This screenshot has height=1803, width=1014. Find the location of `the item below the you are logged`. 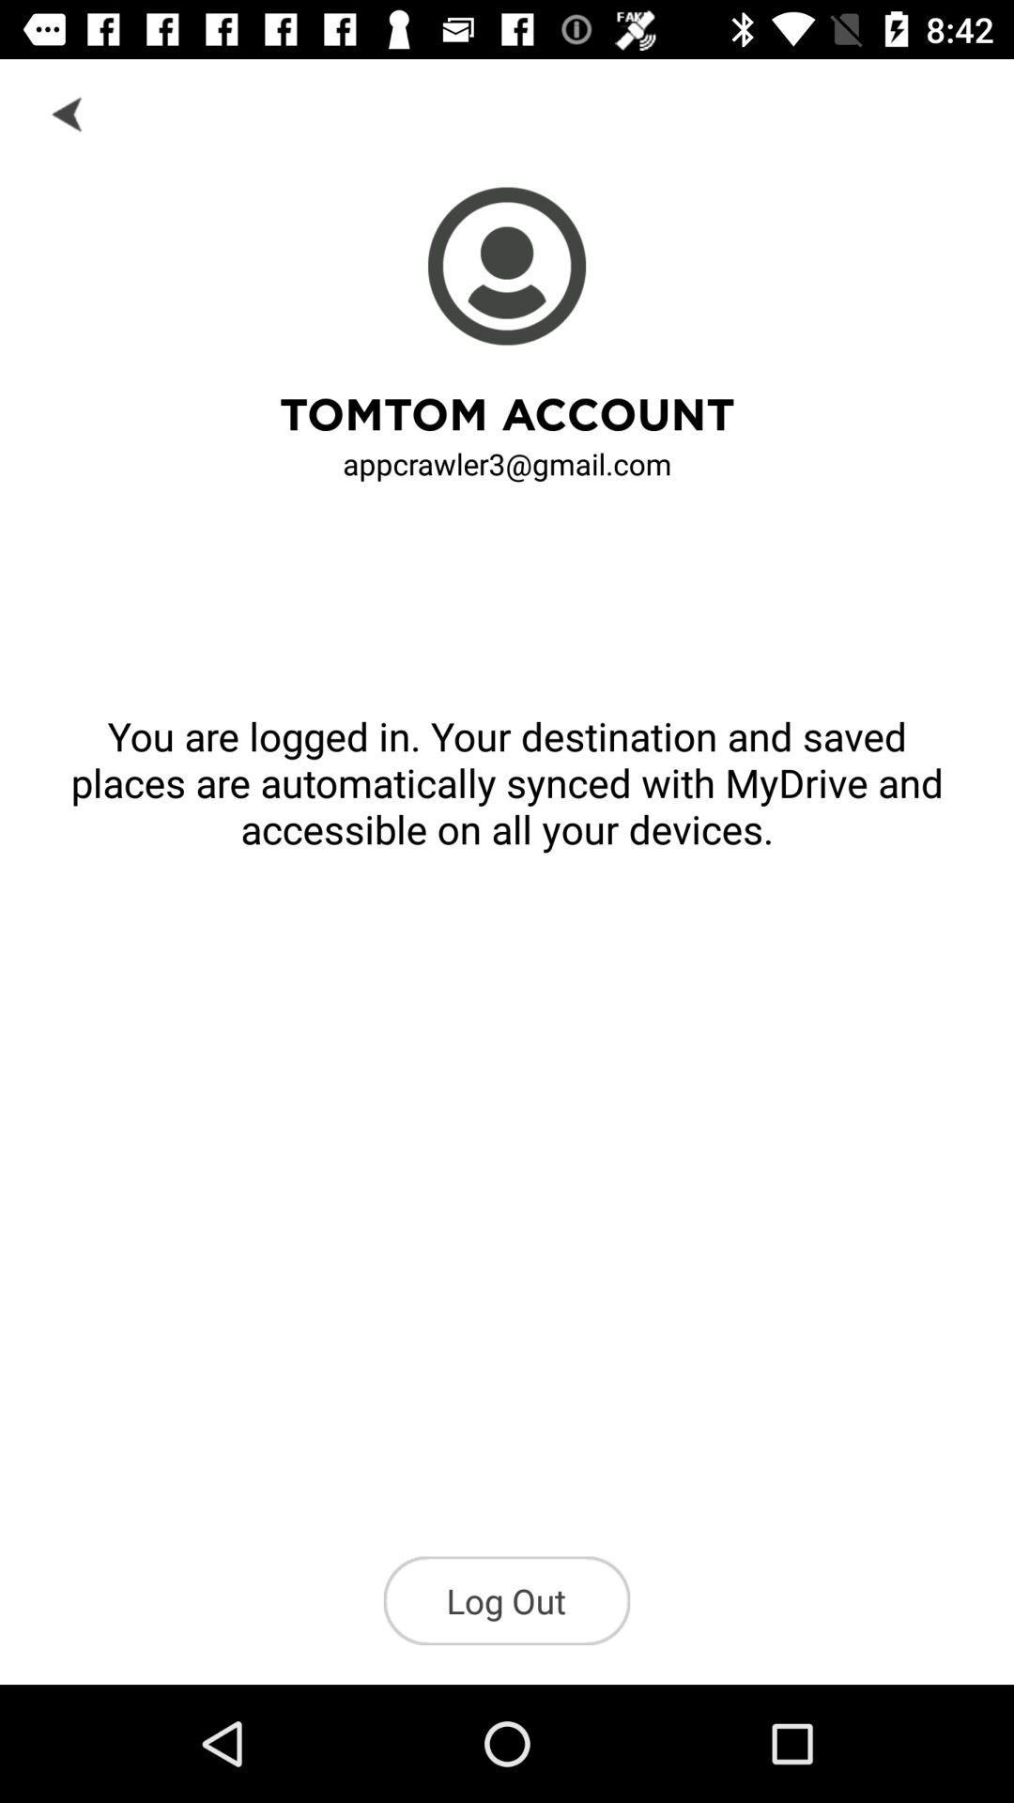

the item below the you are logged is located at coordinates (507, 1599).